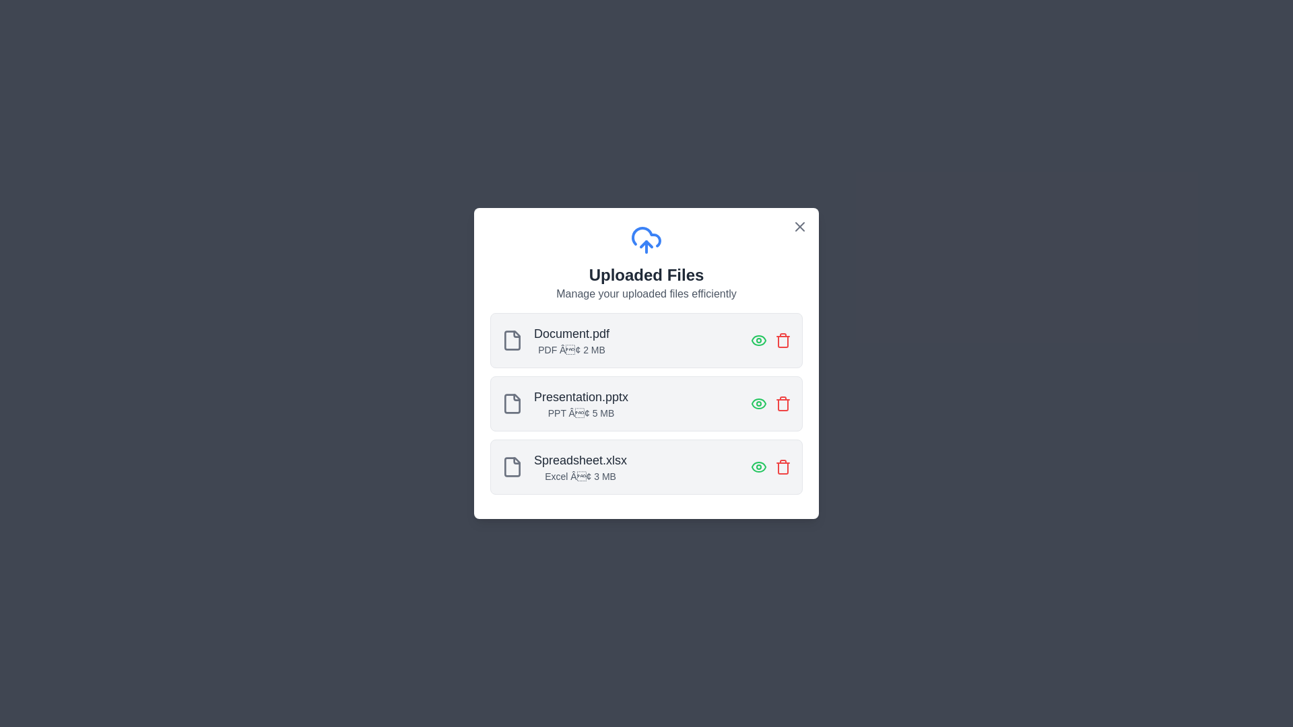 This screenshot has width=1293, height=727. Describe the element at coordinates (581, 403) in the screenshot. I see `the text label displaying the filename 'Presentation.pptx' which is the second row in the list of uploaded files` at that location.